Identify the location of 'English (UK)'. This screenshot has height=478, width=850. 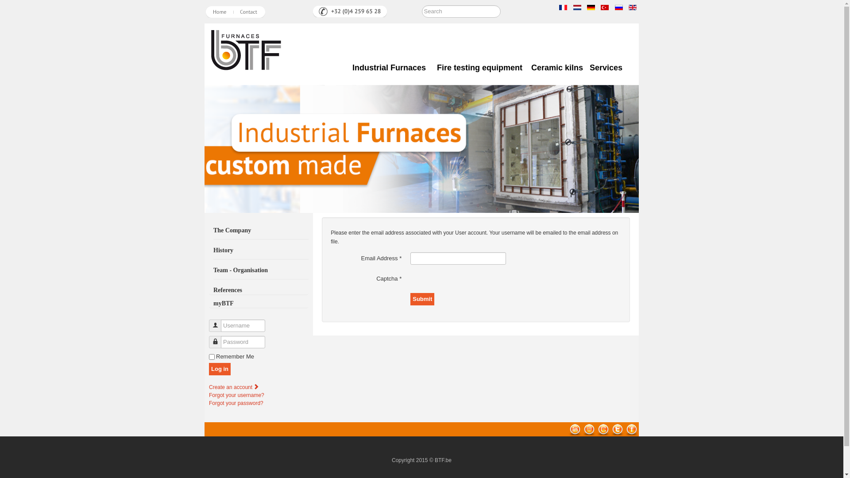
(632, 7).